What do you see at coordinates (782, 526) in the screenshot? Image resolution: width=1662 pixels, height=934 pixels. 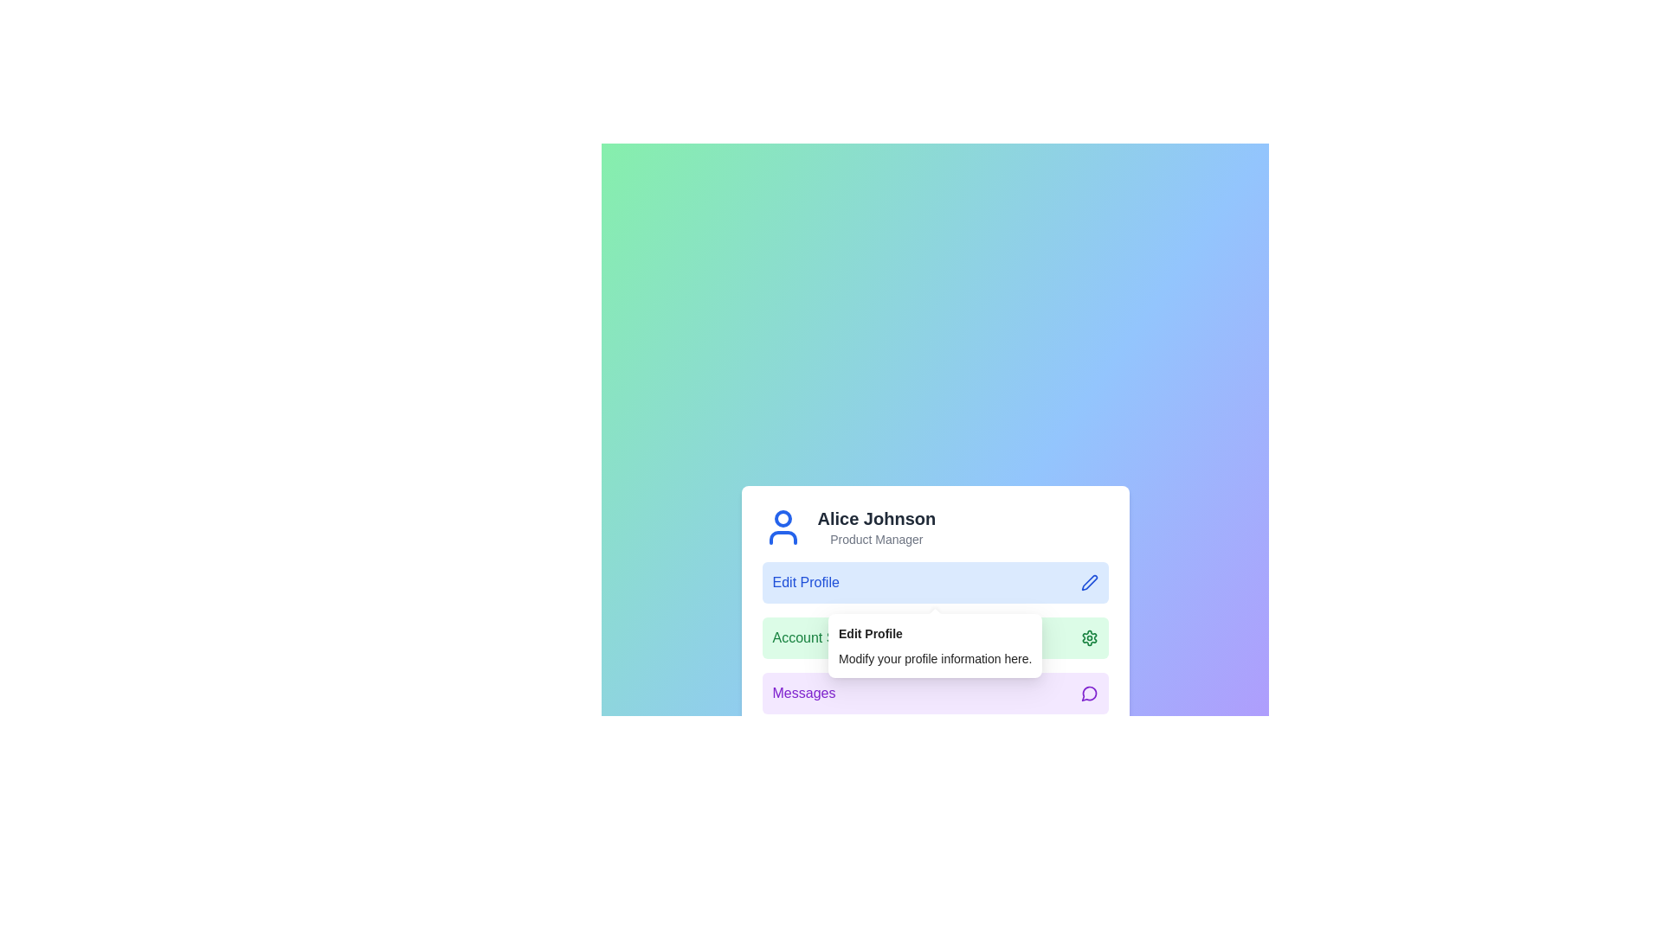 I see `the user icon, which is a simplistic representation of a person's torso in bright blue color, located at the left side of the layout for profile information` at bounding box center [782, 526].